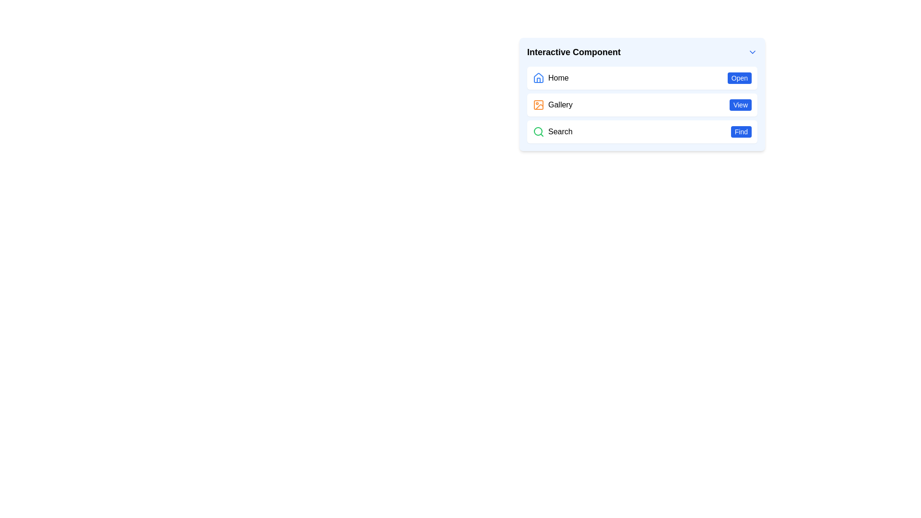 The width and height of the screenshot is (921, 518). What do you see at coordinates (539, 105) in the screenshot?
I see `the gallery icon, which is the second element in a vertical group of three options (Home, Gallery, Search)` at bounding box center [539, 105].